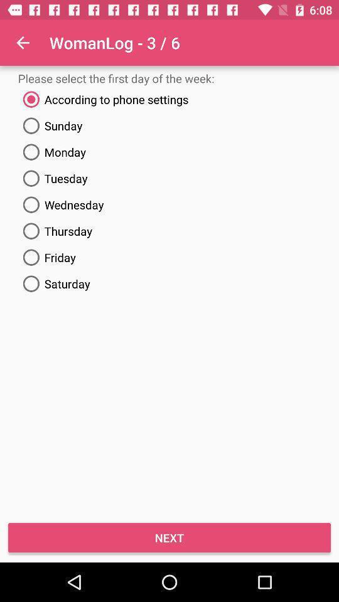 The width and height of the screenshot is (339, 602). What do you see at coordinates (169, 177) in the screenshot?
I see `tuesday item` at bounding box center [169, 177].